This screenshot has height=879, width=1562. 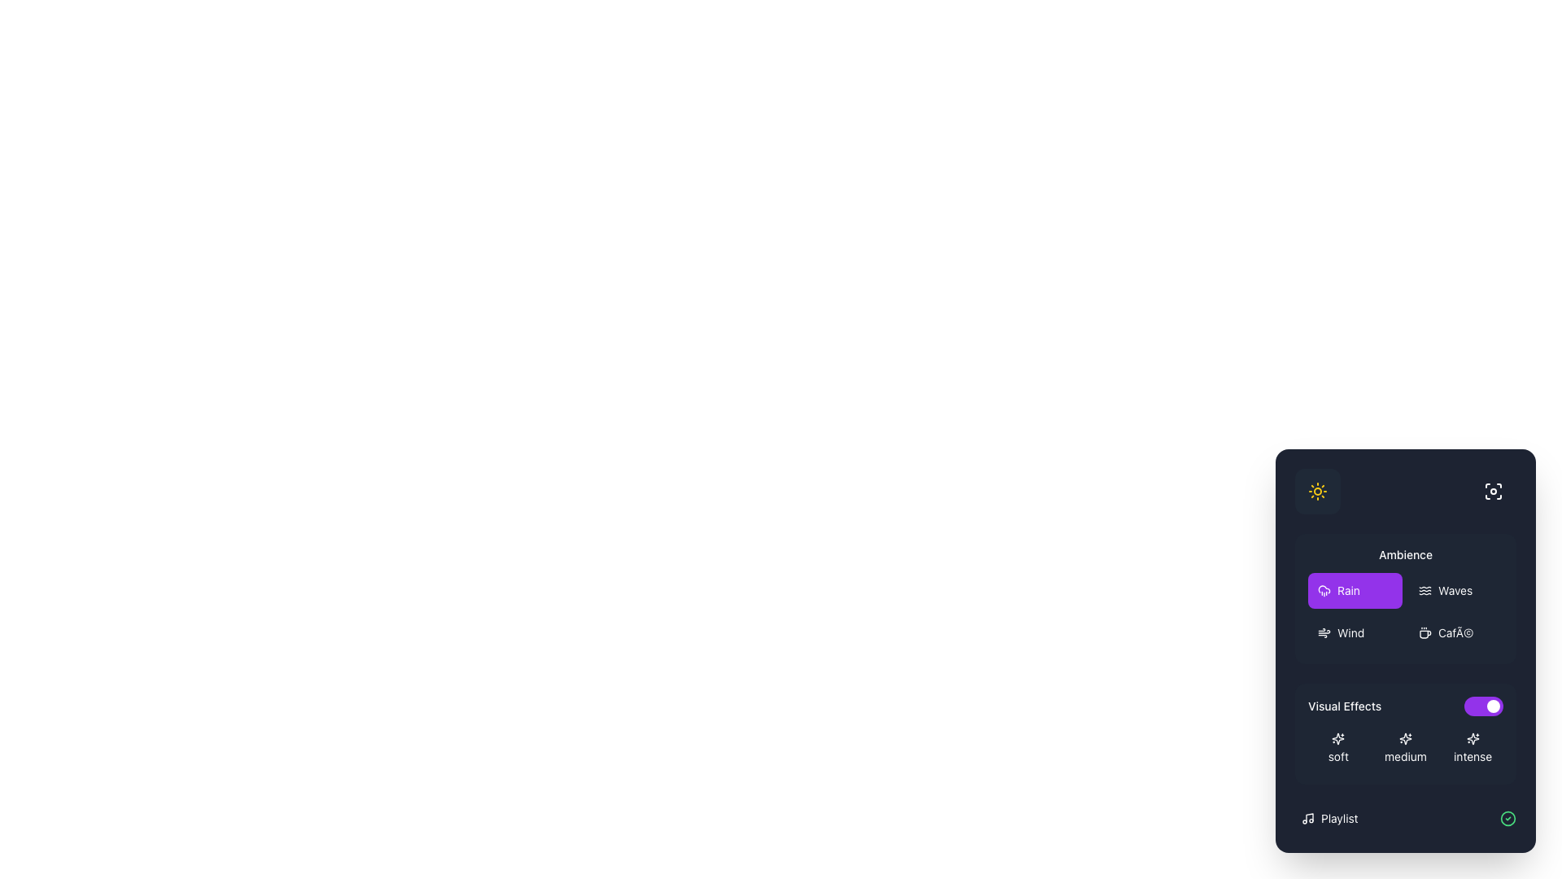 I want to click on the 'Visual Effects' text label located to the left of the toggle switch in the 'Ambience' section, so click(x=1345, y=705).